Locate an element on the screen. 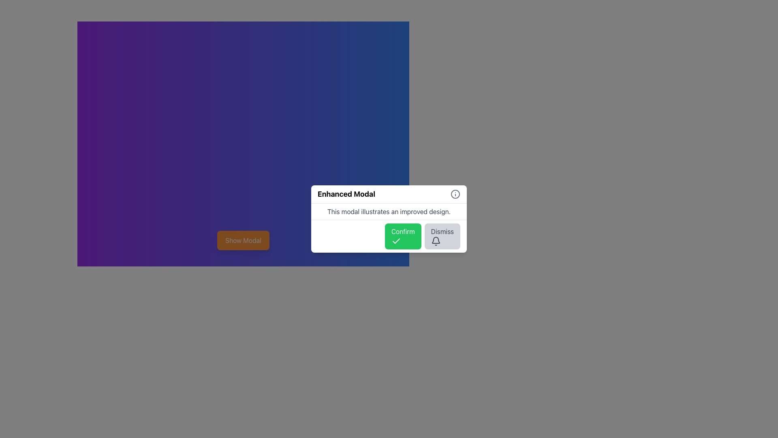 This screenshot has width=778, height=438. the static text label displaying 'Enhanced Modal' at the top of the modal dialog is located at coordinates (346, 194).